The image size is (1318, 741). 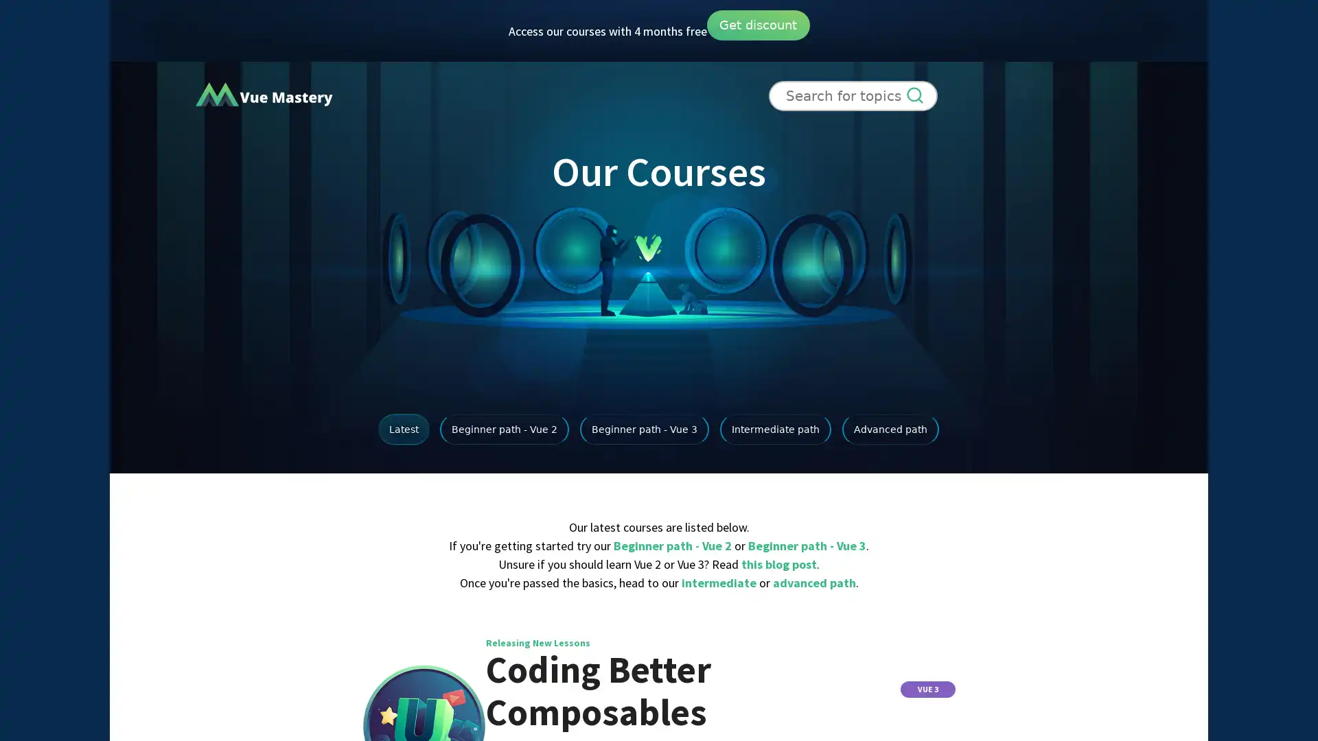 What do you see at coordinates (314, 428) in the screenshot?
I see `Latest` at bounding box center [314, 428].